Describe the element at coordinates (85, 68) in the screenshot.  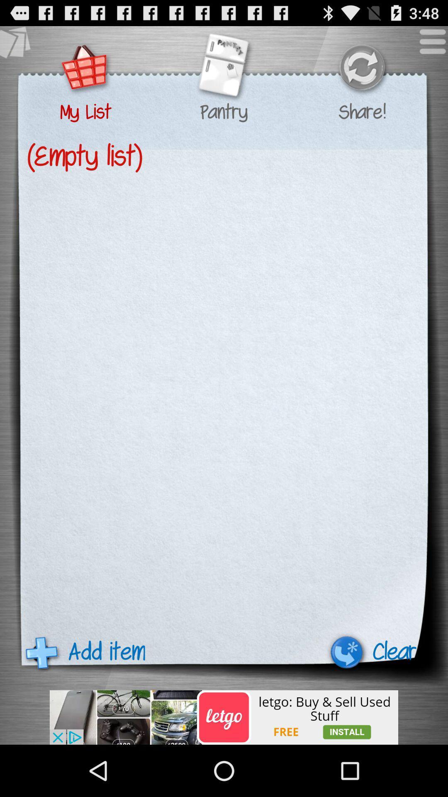
I see `list` at that location.